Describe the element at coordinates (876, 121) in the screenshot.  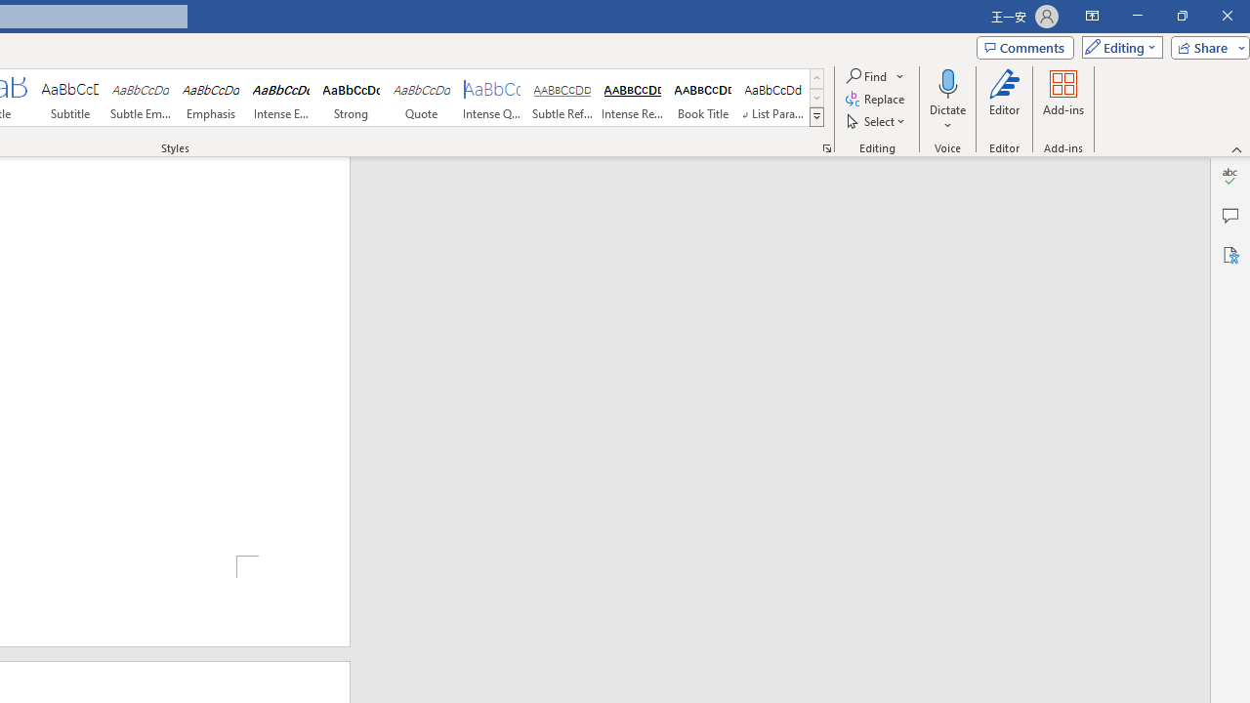
I see `'Select'` at that location.